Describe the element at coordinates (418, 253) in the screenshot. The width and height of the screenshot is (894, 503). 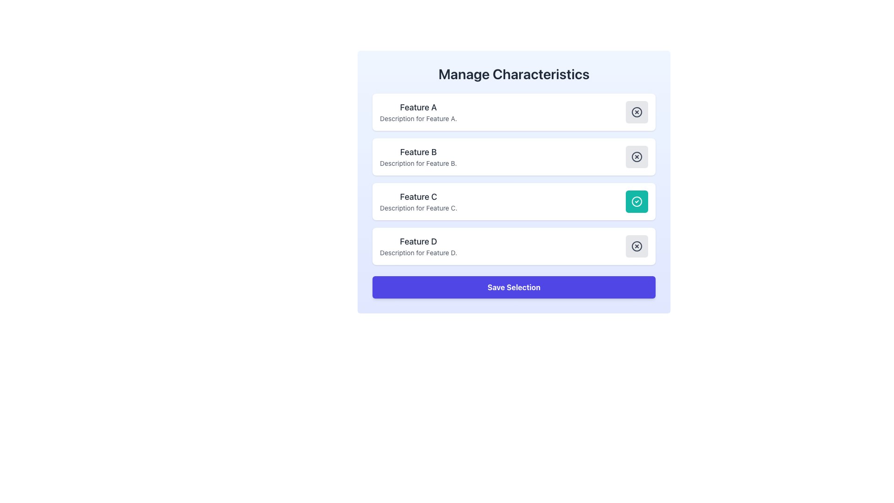
I see `the text label that displays 'Description for Feature D.', which is located below the heading 'Feature D' in the list` at that location.